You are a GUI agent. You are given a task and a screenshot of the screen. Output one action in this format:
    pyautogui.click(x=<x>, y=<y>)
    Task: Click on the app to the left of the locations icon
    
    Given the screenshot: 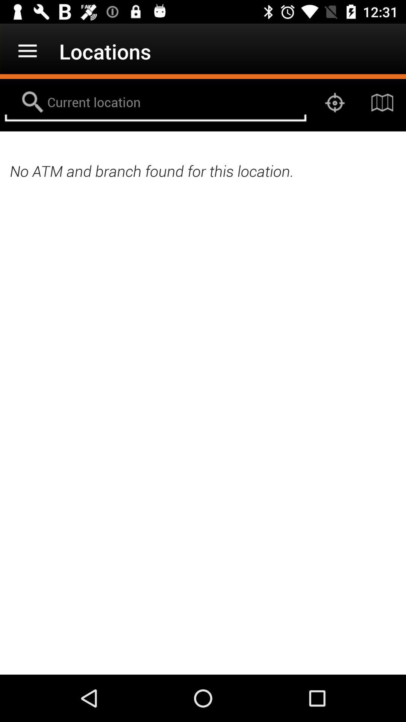 What is the action you would take?
    pyautogui.click(x=27, y=51)
    